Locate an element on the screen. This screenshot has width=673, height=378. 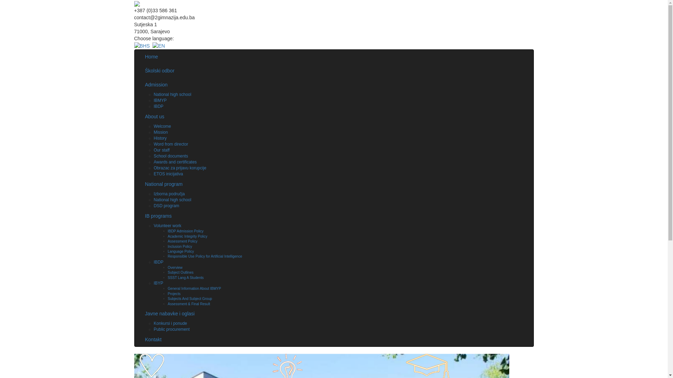
'Overview' is located at coordinates (175, 267).